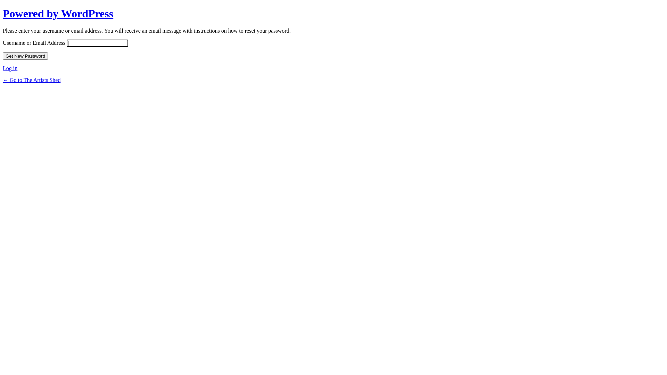 The height and width of the screenshot is (375, 667). Describe the element at coordinates (3, 68) in the screenshot. I see `'Log in'` at that location.